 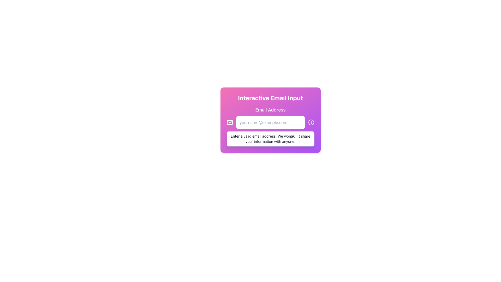 What do you see at coordinates (311, 122) in the screenshot?
I see `the circular part of the 'info' icon located on the right side of the email input box` at bounding box center [311, 122].